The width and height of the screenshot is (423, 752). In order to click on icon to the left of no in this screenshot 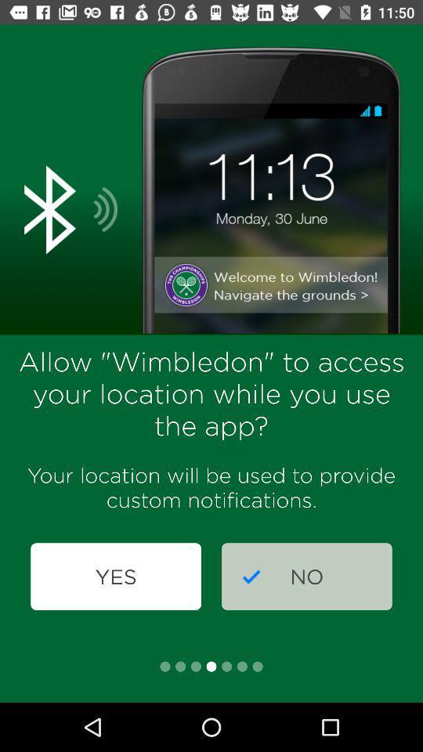, I will do `click(115, 576)`.